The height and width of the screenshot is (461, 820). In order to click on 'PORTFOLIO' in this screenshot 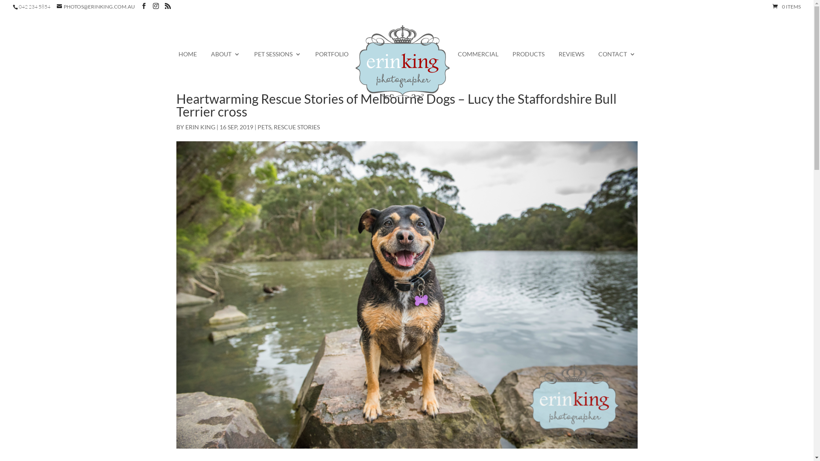, I will do `click(331, 59)`.